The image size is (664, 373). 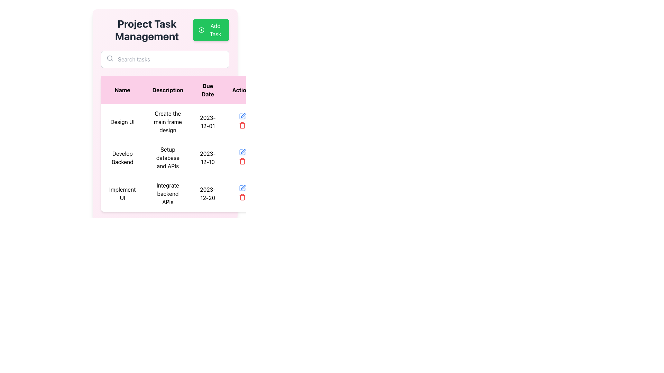 What do you see at coordinates (242, 188) in the screenshot?
I see `the graphical icon resembling a square with a pen, located in the 'Actions' column of the third row for the 'Implement UI' task` at bounding box center [242, 188].